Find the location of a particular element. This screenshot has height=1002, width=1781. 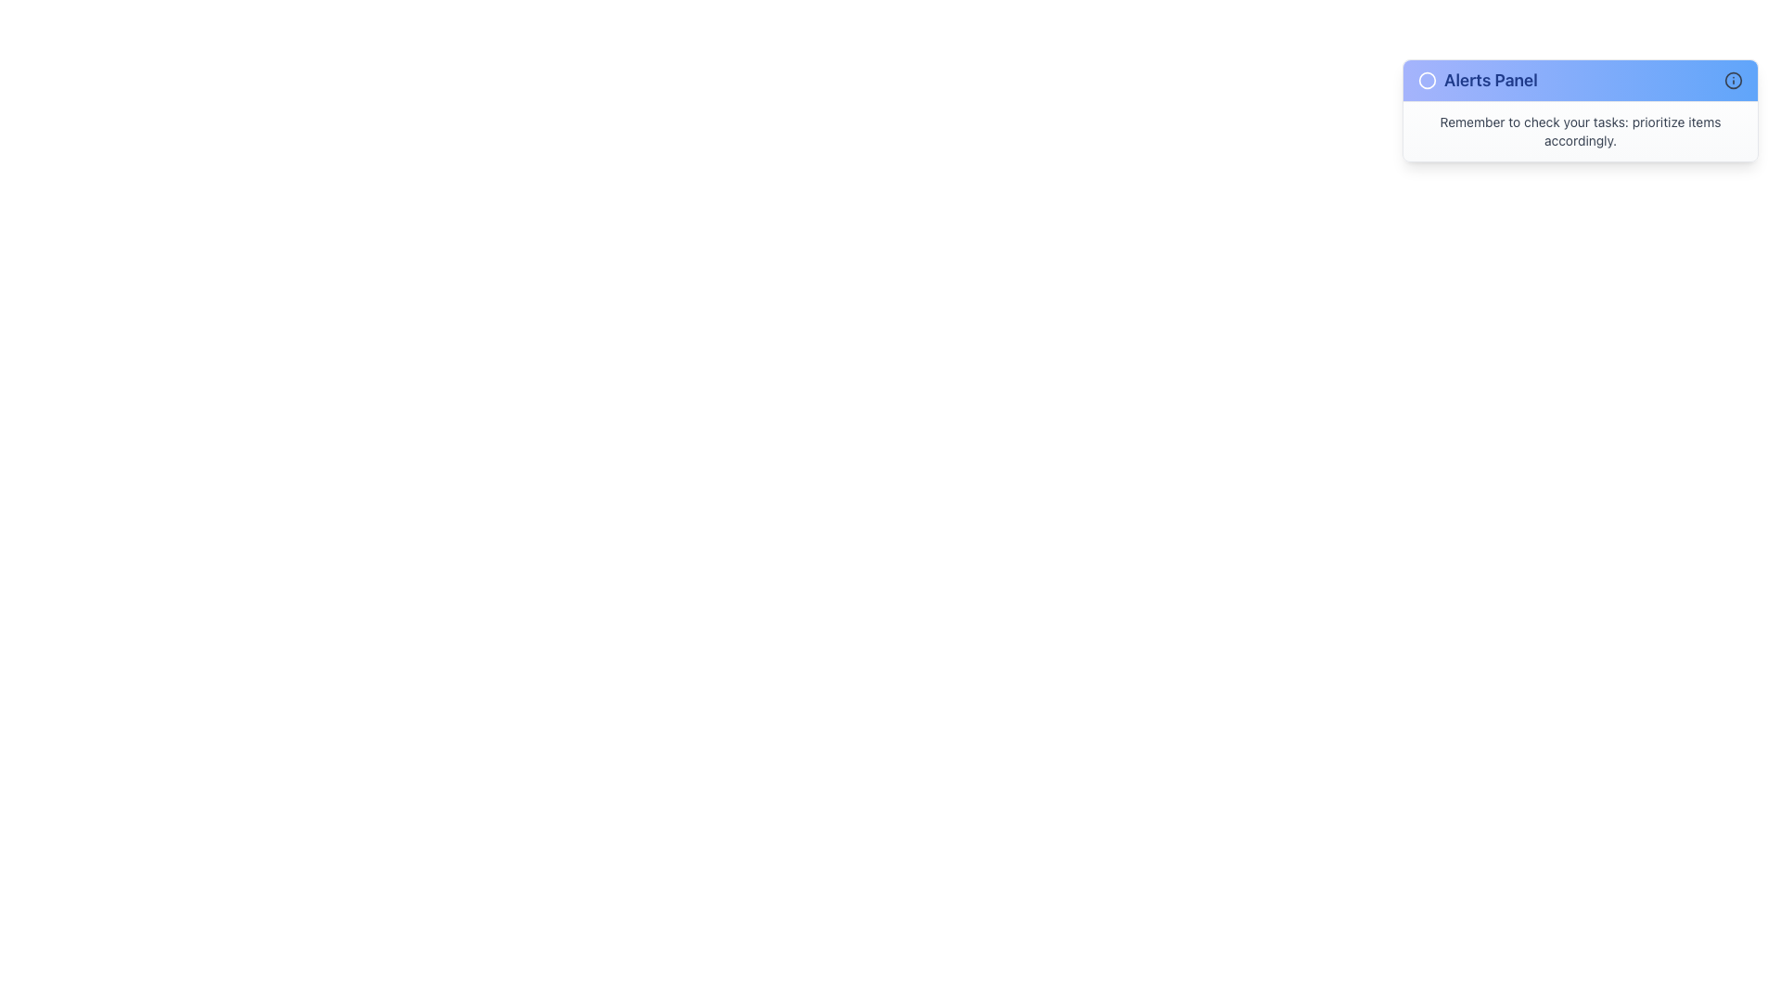

the decorative icon that serves as a status indicator for the 'Alerts Panel', located at the leftmost end before the text 'Alerts Panel' is located at coordinates (1427, 80).